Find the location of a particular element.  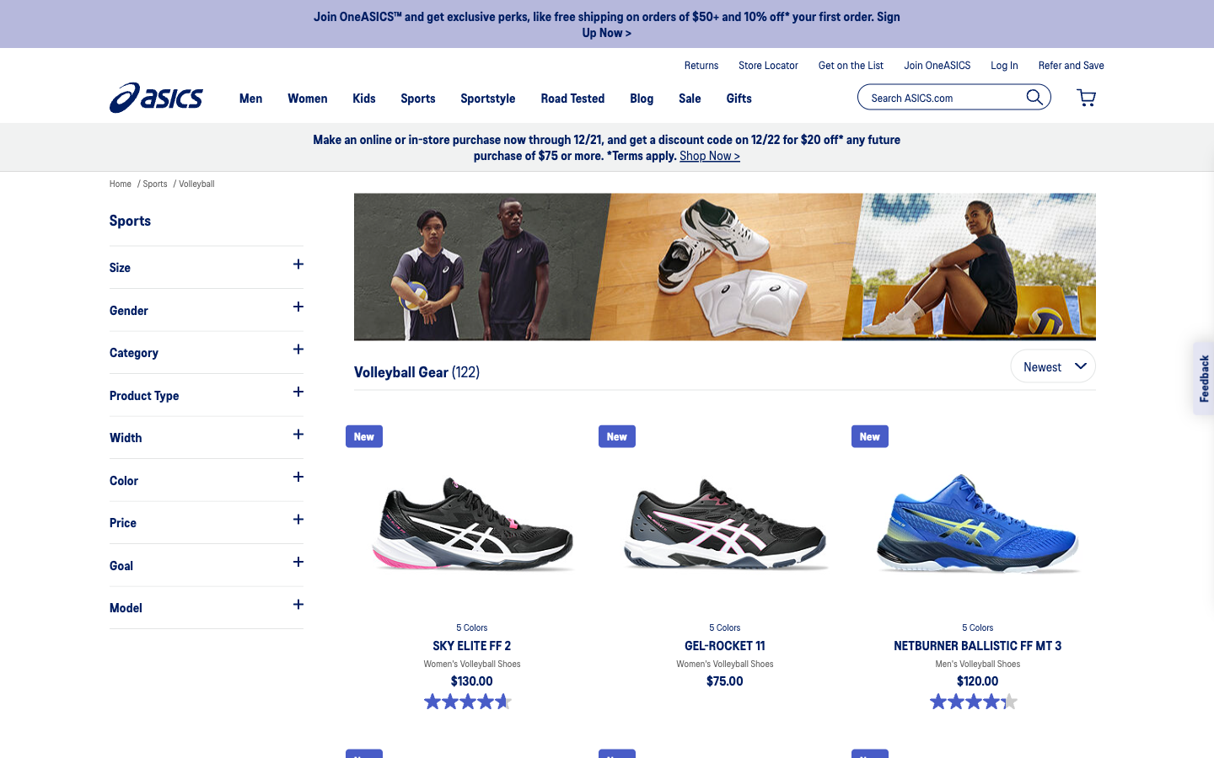

Filter the models by size of the shoes is located at coordinates (205, 265).